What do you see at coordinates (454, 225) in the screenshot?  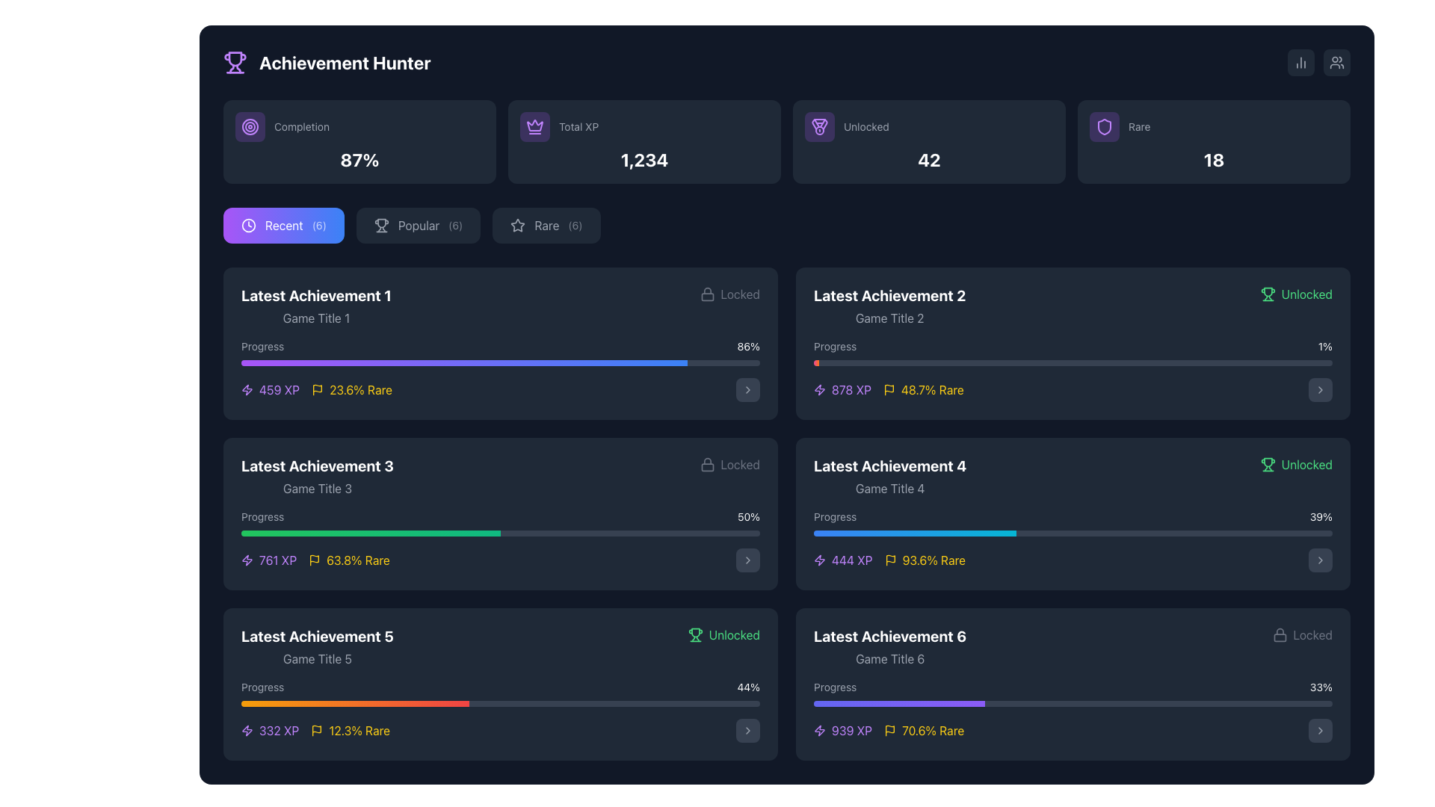 I see `the static text label or counter displaying '(6)' which is located at the right end of the 'Popular' button` at bounding box center [454, 225].